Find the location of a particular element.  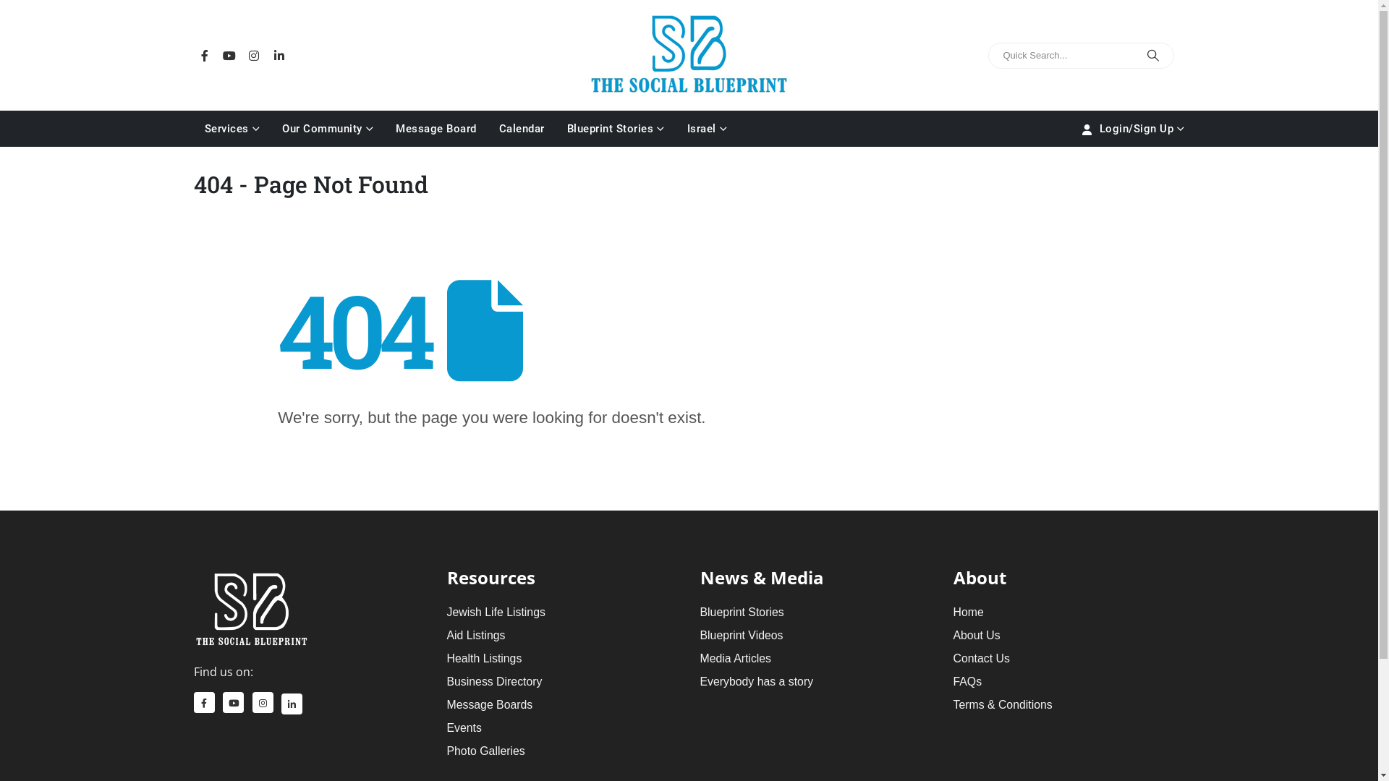

'Login/Sign Up' is located at coordinates (1131, 127).